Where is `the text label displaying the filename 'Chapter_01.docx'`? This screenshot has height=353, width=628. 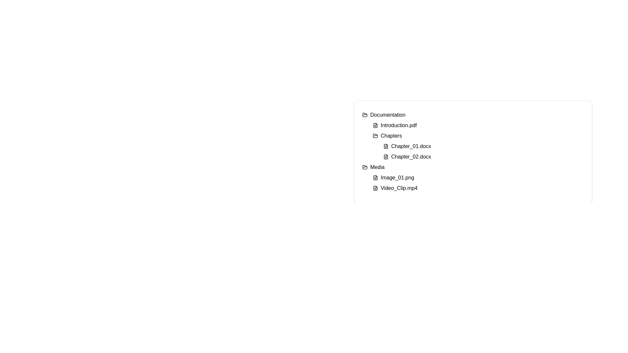
the text label displaying the filename 'Chapter_01.docx' is located at coordinates (411, 146).